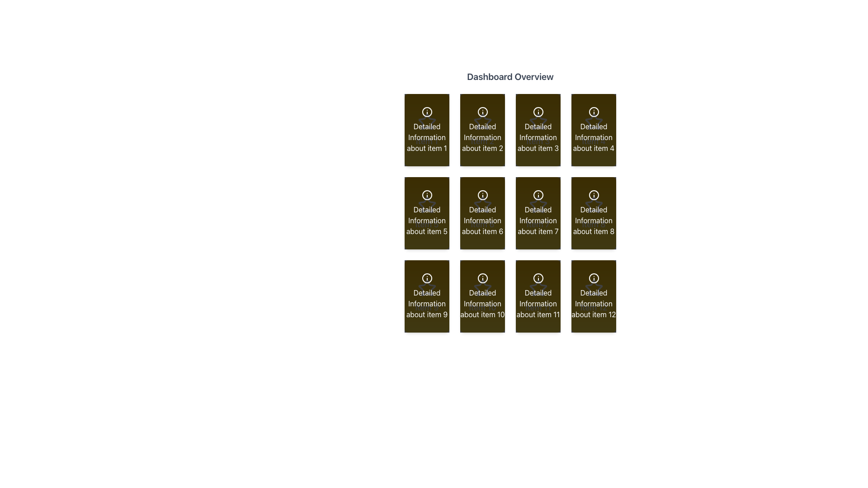 The width and height of the screenshot is (868, 488). Describe the element at coordinates (594, 111) in the screenshot. I see `the Circular SVG element located in the top row, fourth column of the 'Dashboard Overview' grid layout, which serves a decorative role within an icon` at that location.